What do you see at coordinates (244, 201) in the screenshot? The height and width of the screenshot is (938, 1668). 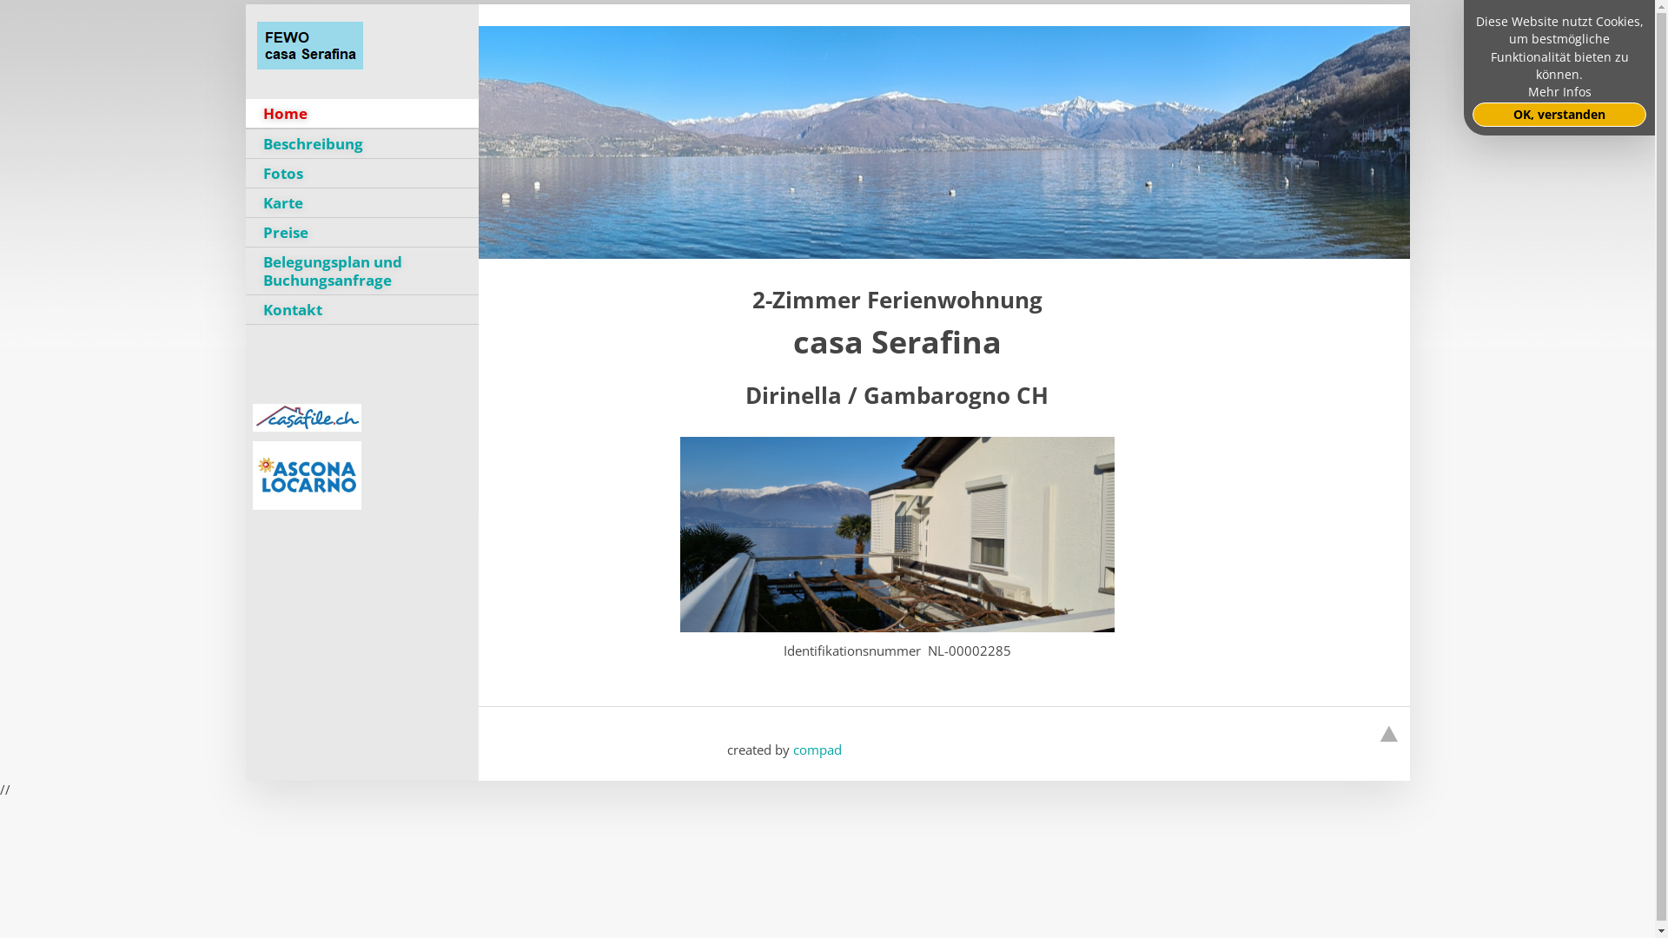 I see `'Karte'` at bounding box center [244, 201].